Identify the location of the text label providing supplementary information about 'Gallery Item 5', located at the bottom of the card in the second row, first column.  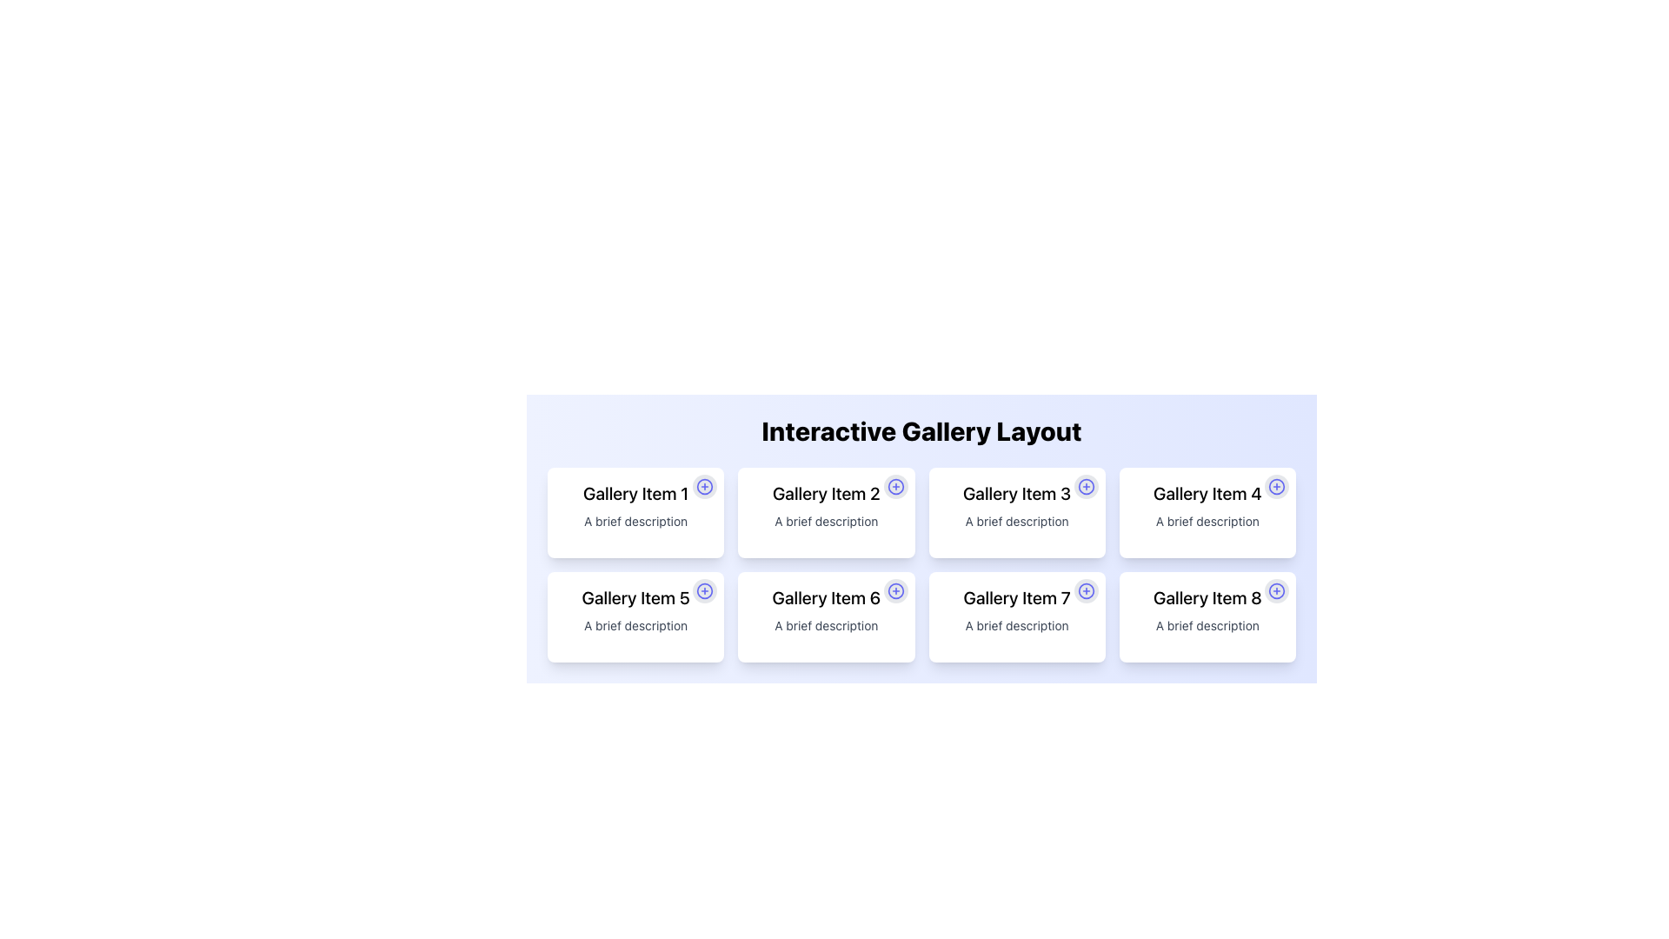
(635, 626).